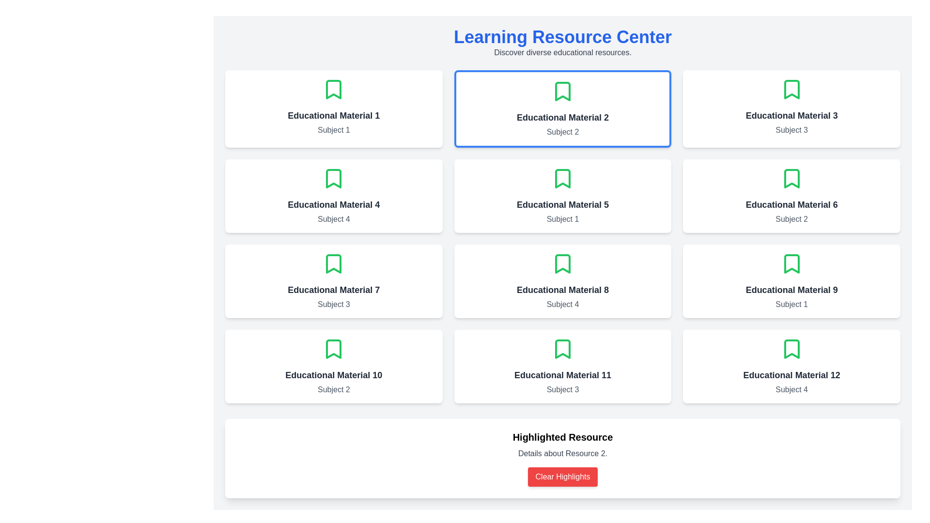 This screenshot has height=523, width=930. Describe the element at coordinates (562, 263) in the screenshot. I see `the green outline bookmark icon located in the second row and third column of the grid layout, above the labels 'Educational Material 8' and 'Subject 4'` at that location.